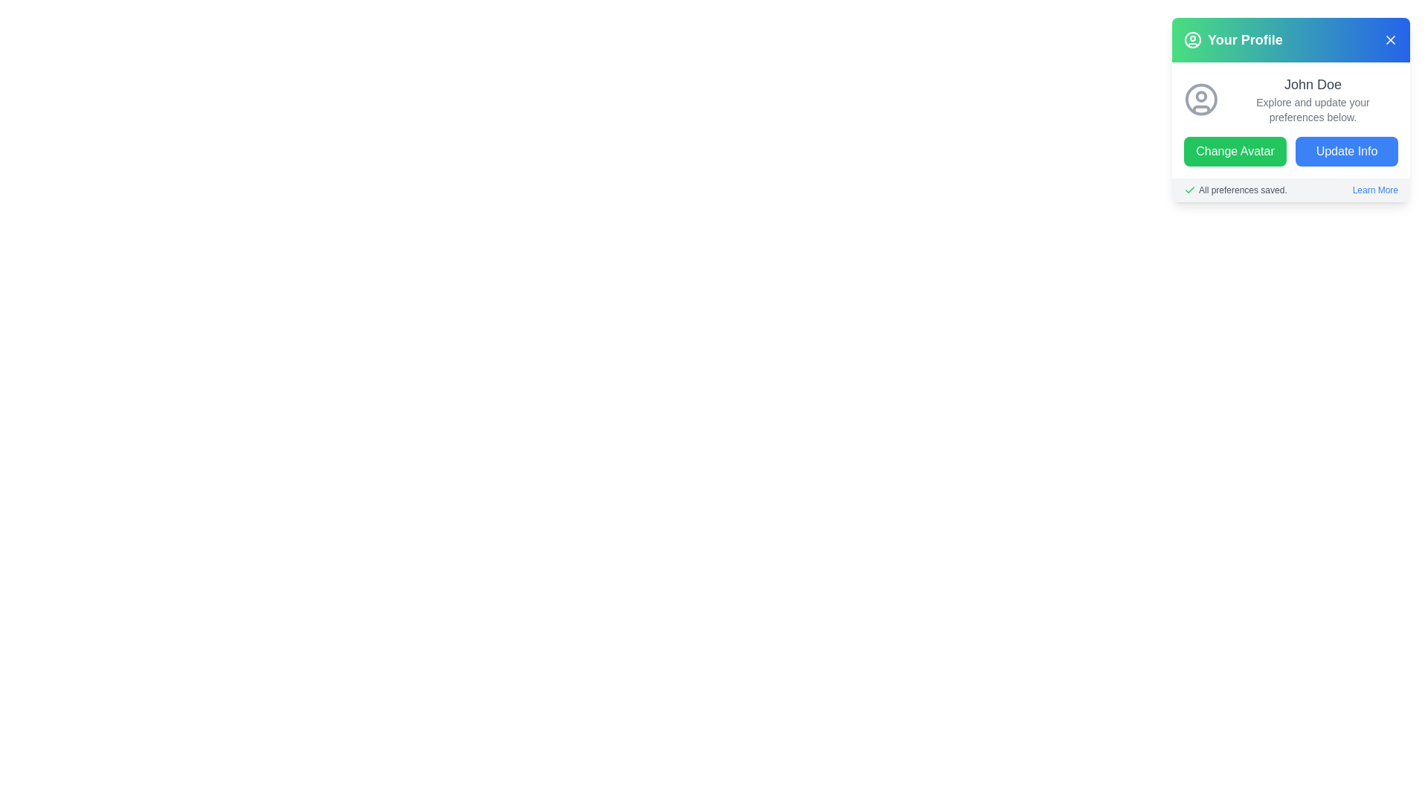 Image resolution: width=1428 pixels, height=803 pixels. What do you see at coordinates (1201, 100) in the screenshot?
I see `the SVG Circle element representing the user avatar located in the 'Your Profile' section at the top right corner of the interface` at bounding box center [1201, 100].